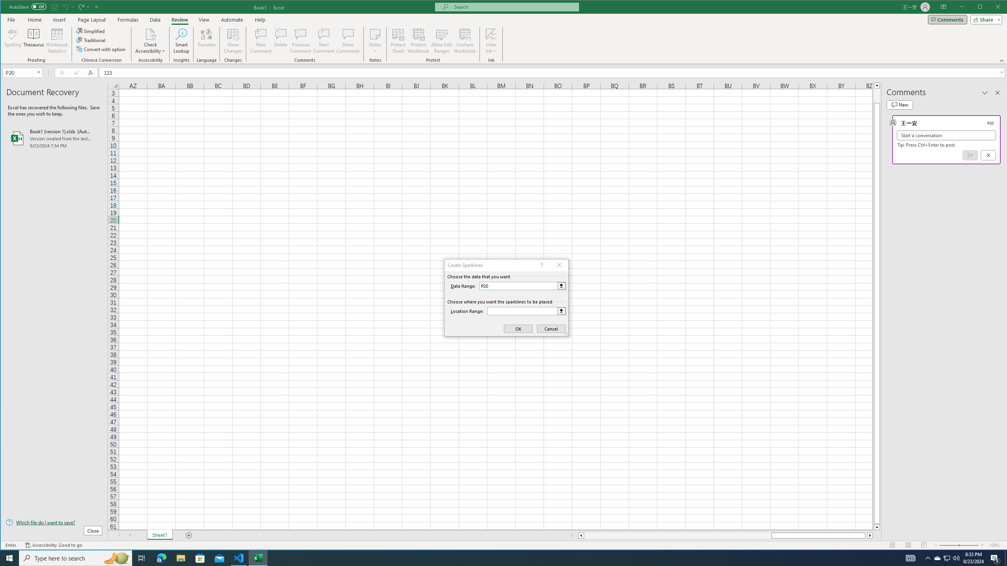 This screenshot has height=566, width=1007. What do you see at coordinates (159, 535) in the screenshot?
I see `'Sheet1'` at bounding box center [159, 535].